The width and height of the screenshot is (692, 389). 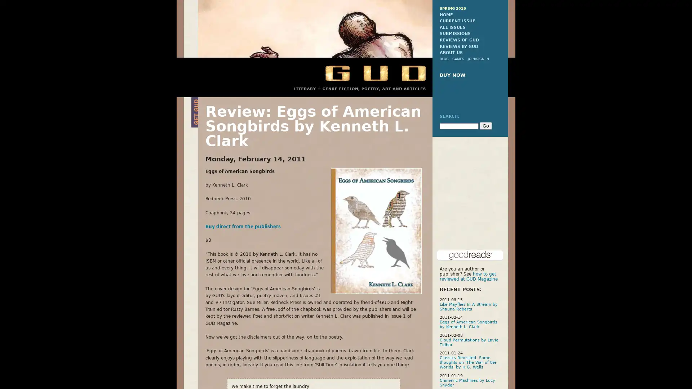 What do you see at coordinates (486, 125) in the screenshot?
I see `Go` at bounding box center [486, 125].